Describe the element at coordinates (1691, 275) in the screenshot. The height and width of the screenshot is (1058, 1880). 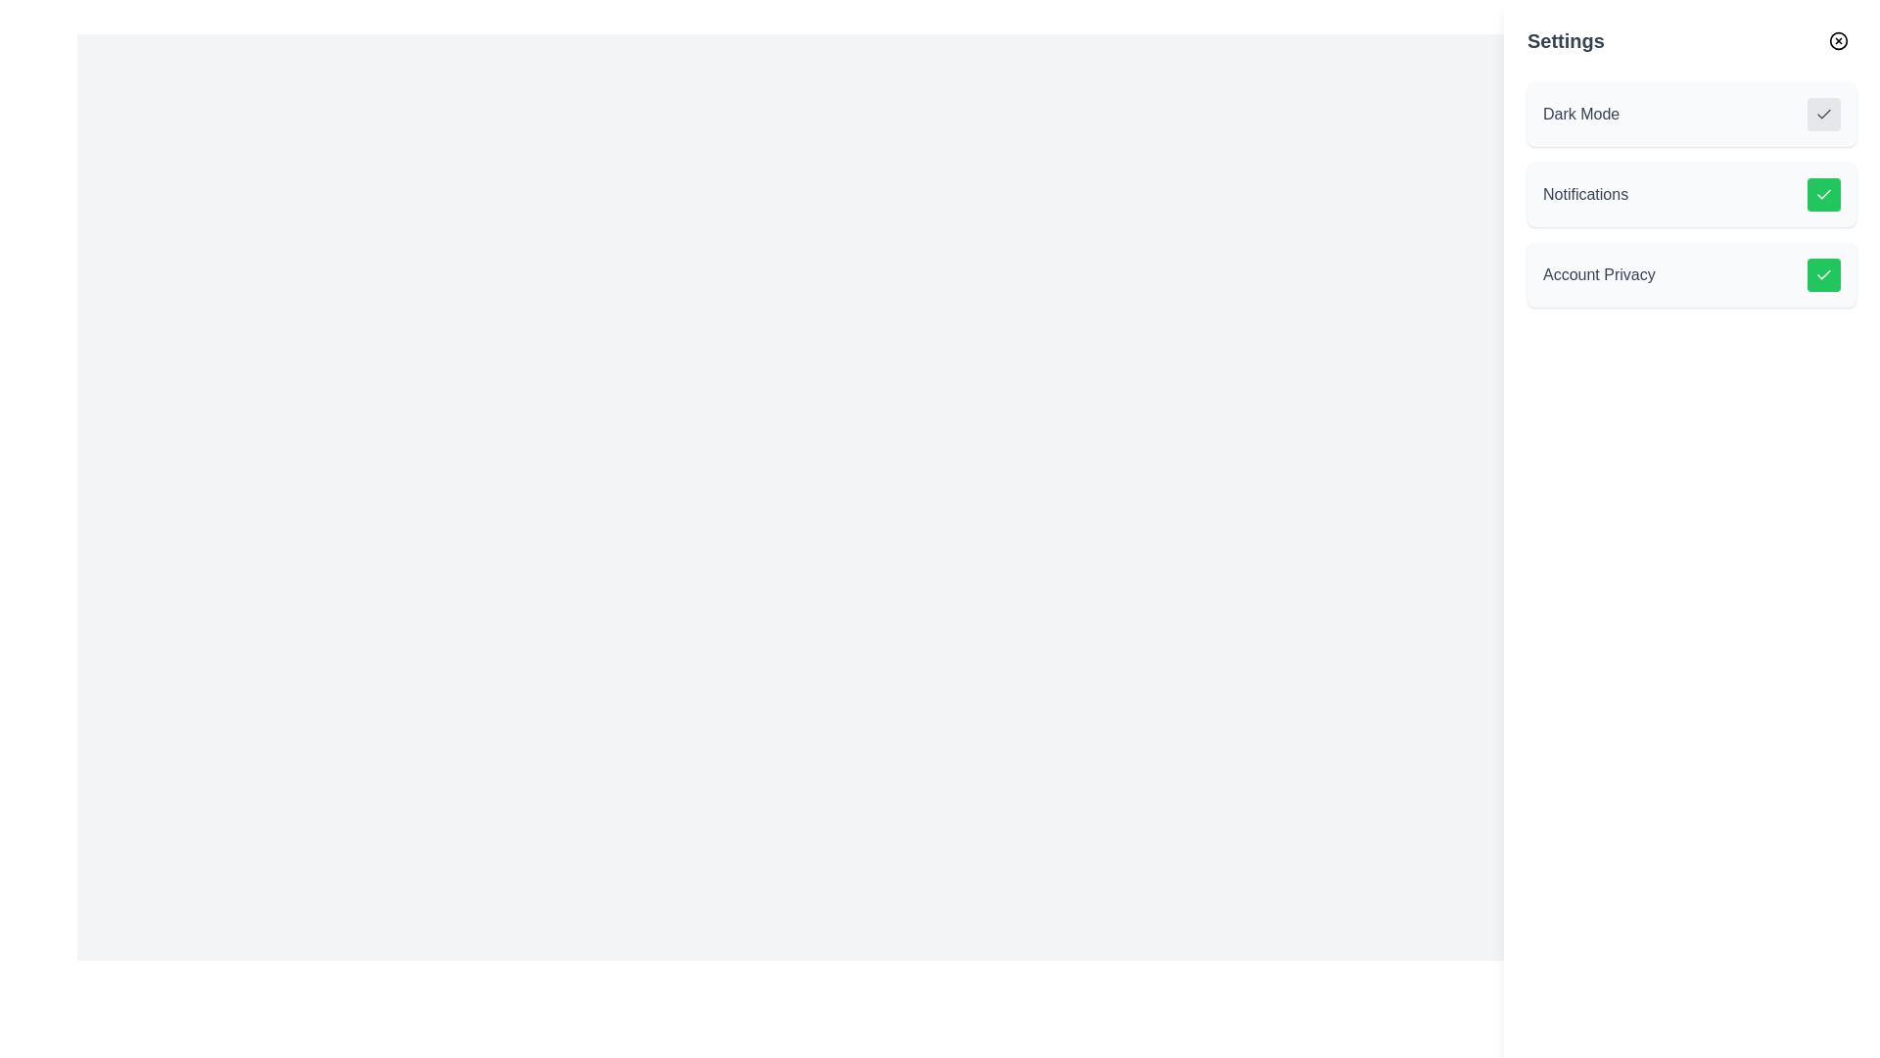
I see `the green button in the third item of the vertically stacked settings list` at that location.